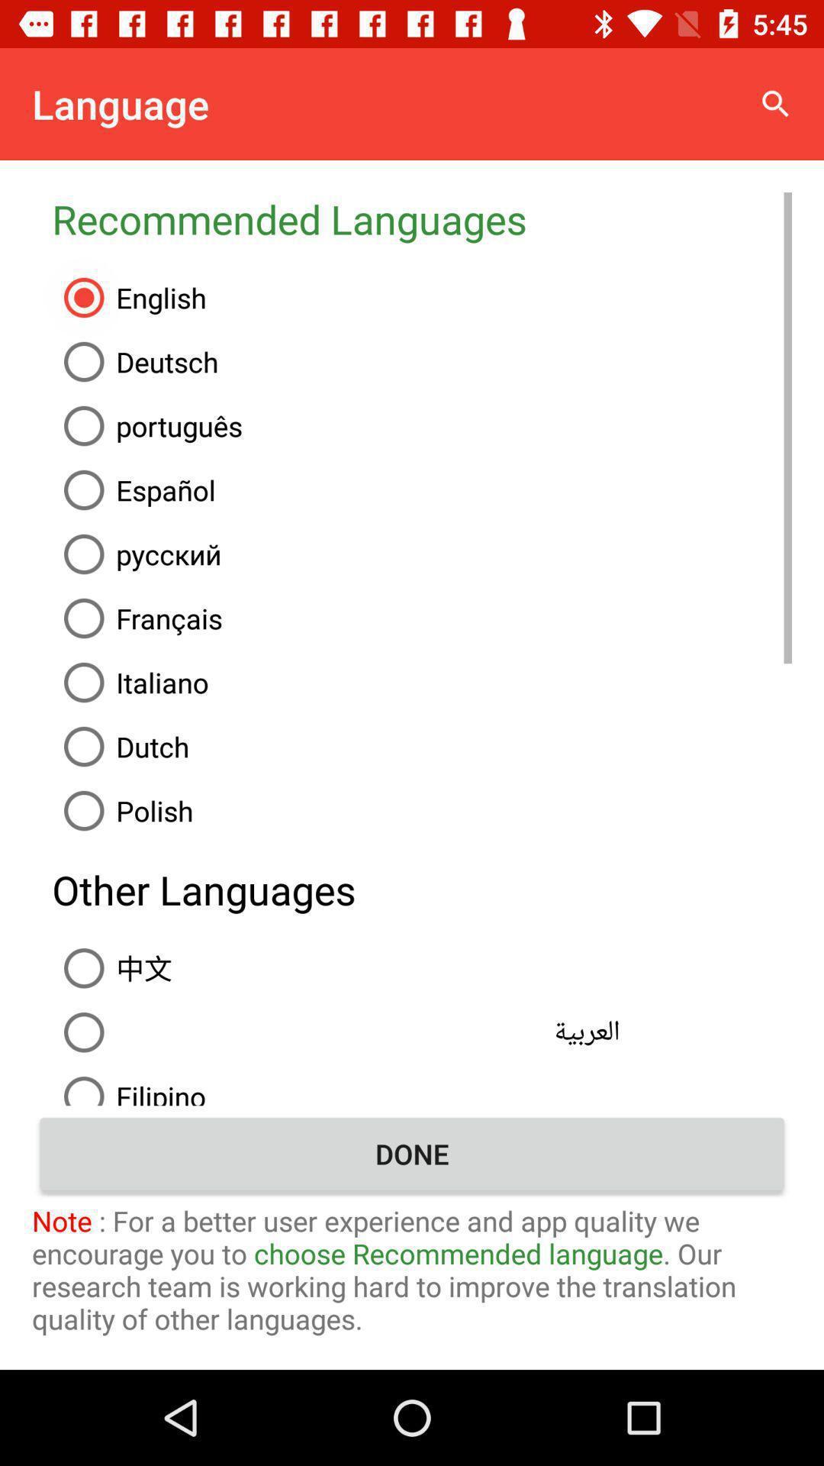 The image size is (824, 1466). Describe the element at coordinates (422, 681) in the screenshot. I see `italiano icon` at that location.